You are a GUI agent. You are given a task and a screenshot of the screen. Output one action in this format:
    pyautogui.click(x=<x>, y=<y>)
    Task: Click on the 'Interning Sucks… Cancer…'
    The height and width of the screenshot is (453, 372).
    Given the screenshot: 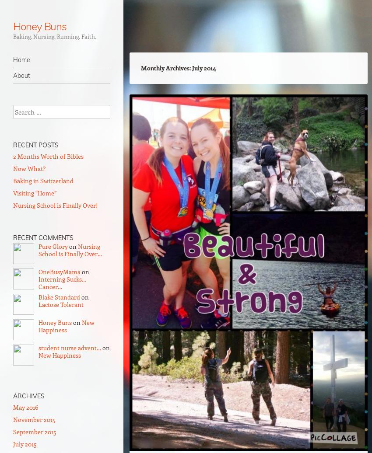 What is the action you would take?
    pyautogui.click(x=62, y=282)
    